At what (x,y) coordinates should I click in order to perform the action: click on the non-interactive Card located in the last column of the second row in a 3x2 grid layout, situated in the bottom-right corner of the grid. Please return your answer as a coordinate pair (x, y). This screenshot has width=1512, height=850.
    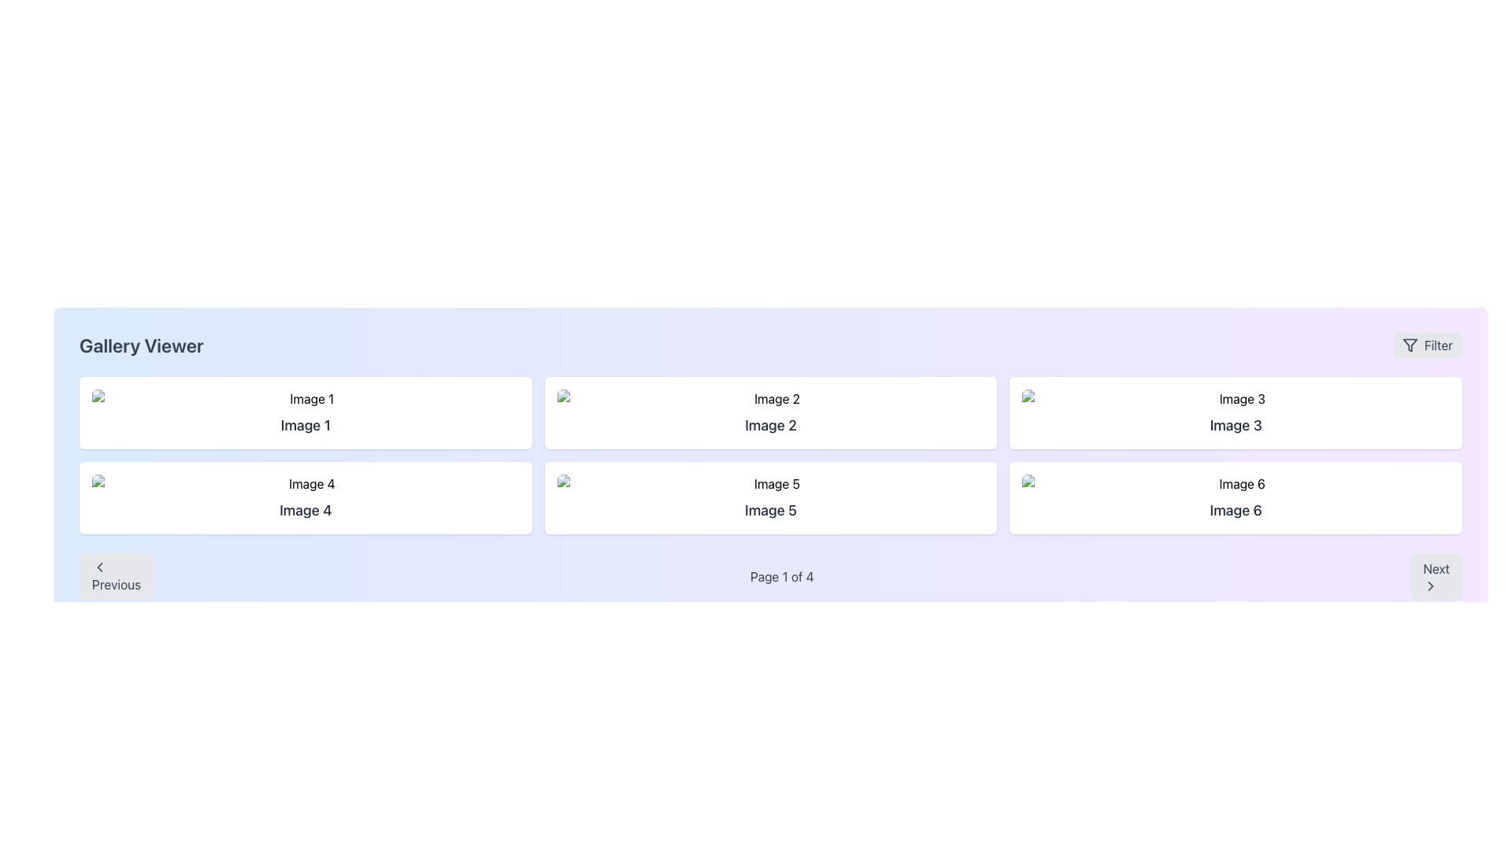
    Looking at the image, I should click on (1235, 497).